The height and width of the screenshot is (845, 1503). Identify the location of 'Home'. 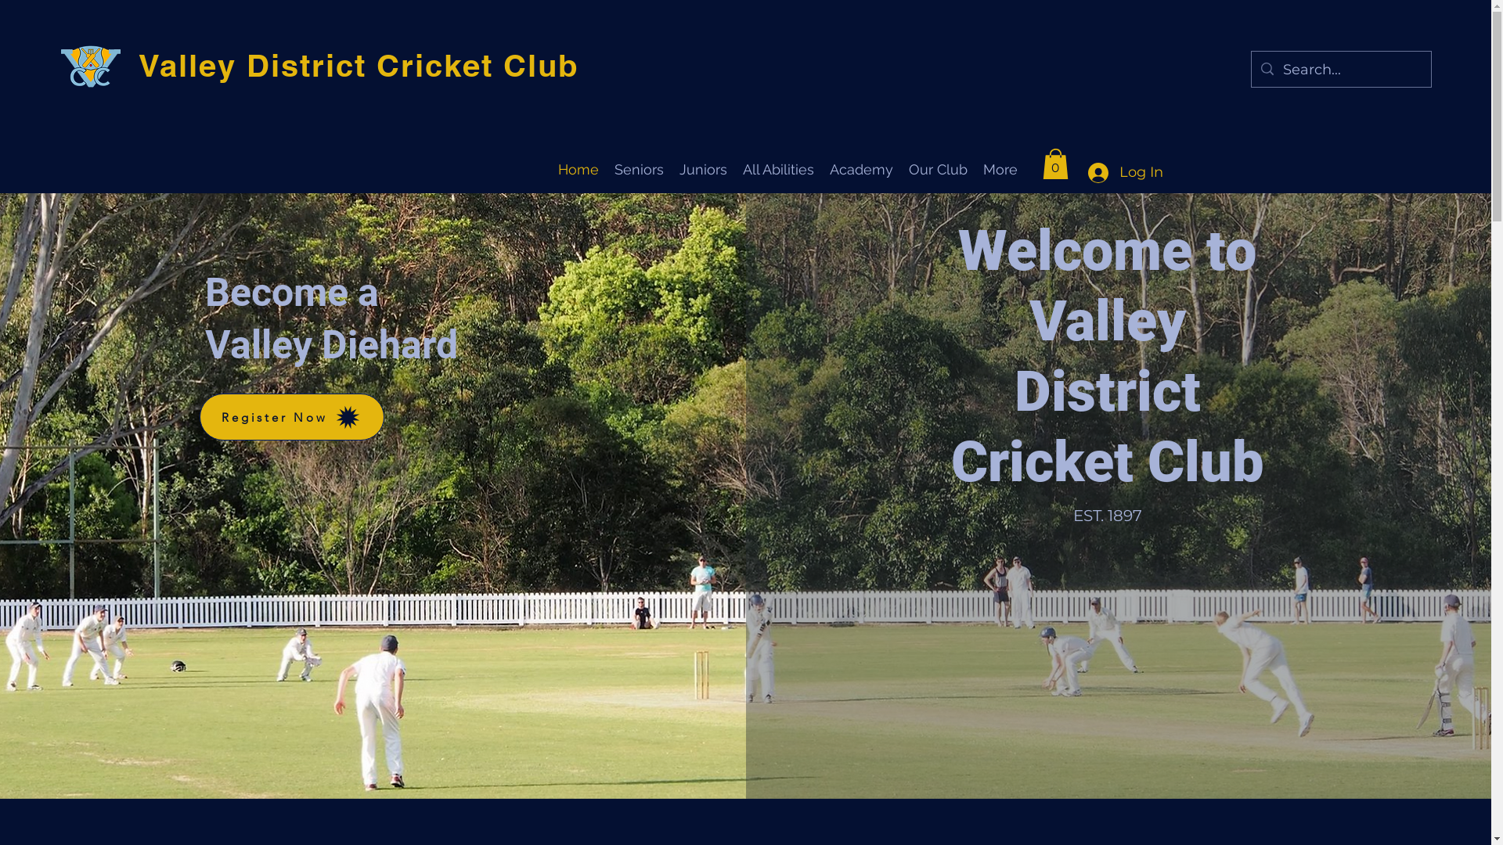
(577, 168).